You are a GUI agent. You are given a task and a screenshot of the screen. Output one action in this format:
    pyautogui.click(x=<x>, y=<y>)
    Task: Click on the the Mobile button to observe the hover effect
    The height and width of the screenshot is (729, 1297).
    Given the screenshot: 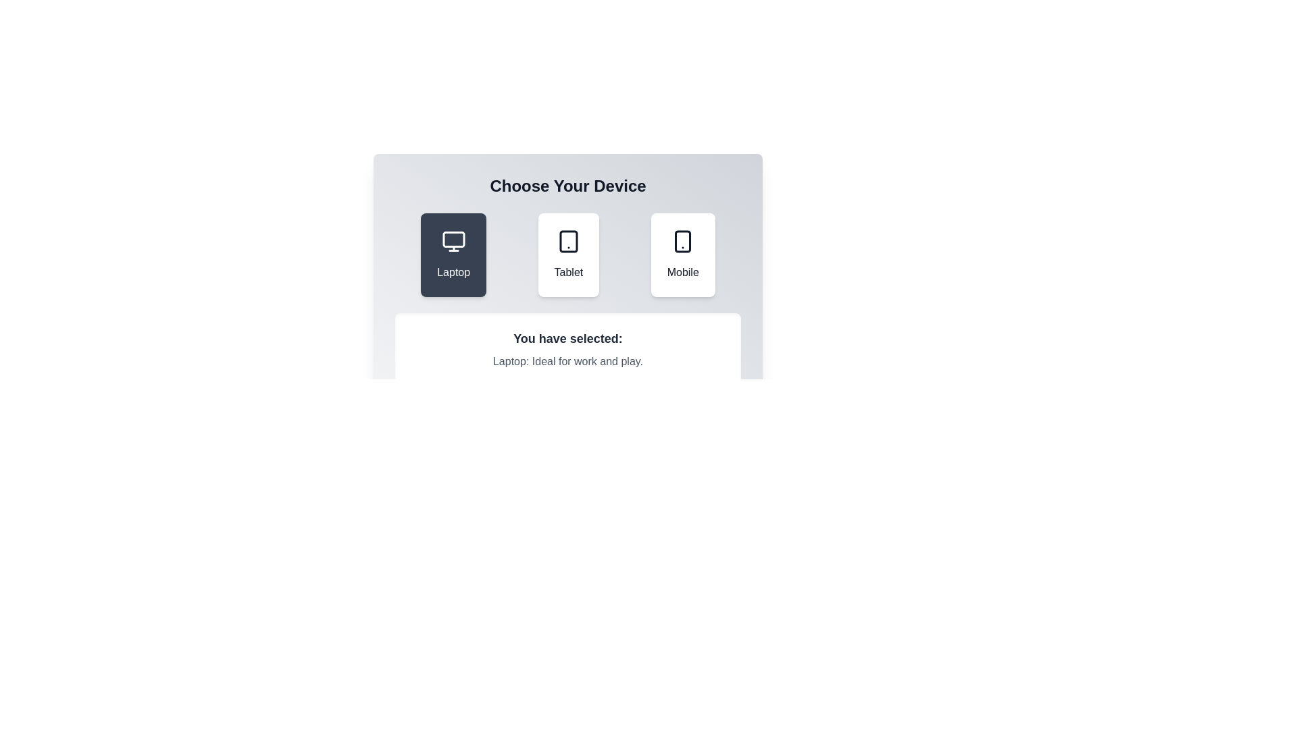 What is the action you would take?
    pyautogui.click(x=683, y=255)
    